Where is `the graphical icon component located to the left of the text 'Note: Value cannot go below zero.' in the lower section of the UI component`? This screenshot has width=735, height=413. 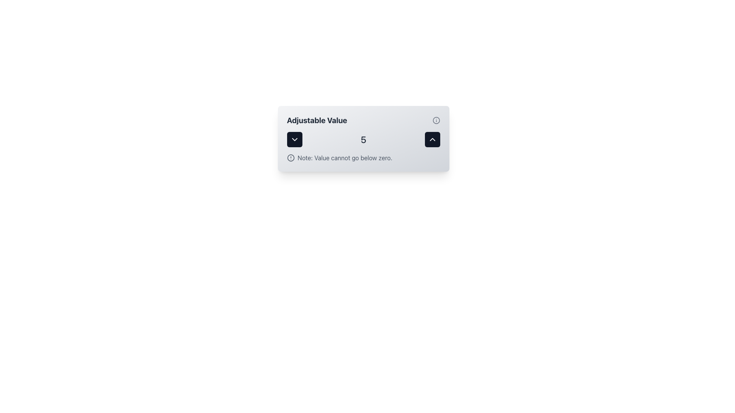 the graphical icon component located to the left of the text 'Note: Value cannot go below zero.' in the lower section of the UI component is located at coordinates (290, 157).